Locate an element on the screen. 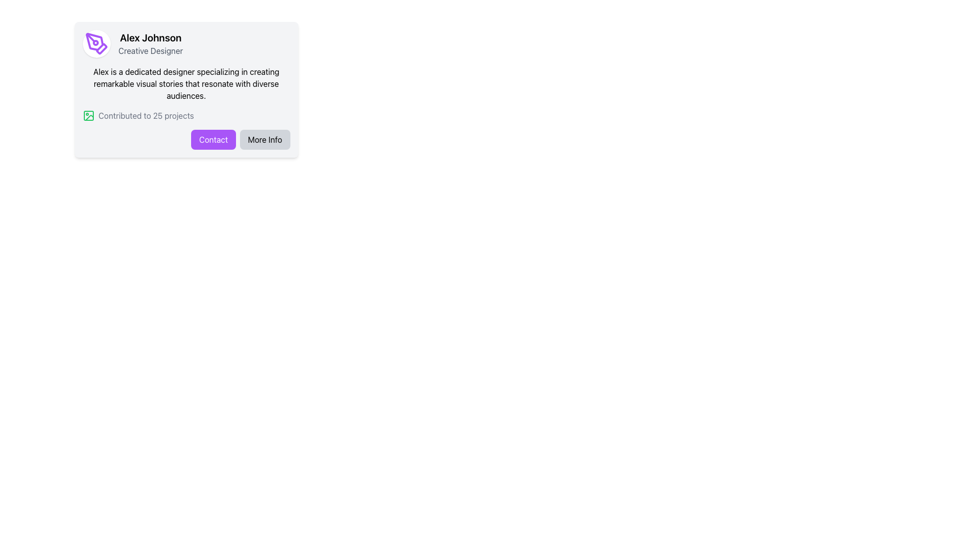 The height and width of the screenshot is (539, 958). the non-interactive Text Label with Icon that describes the user's contributions, located below the description text block and above the buttons is located at coordinates (186, 115).